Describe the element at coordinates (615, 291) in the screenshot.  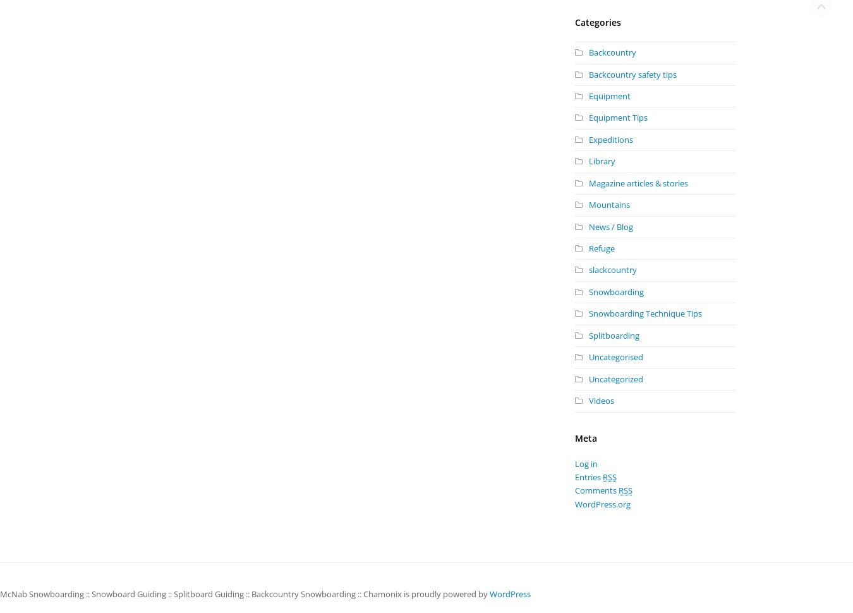
I see `'Snowboarding'` at that location.